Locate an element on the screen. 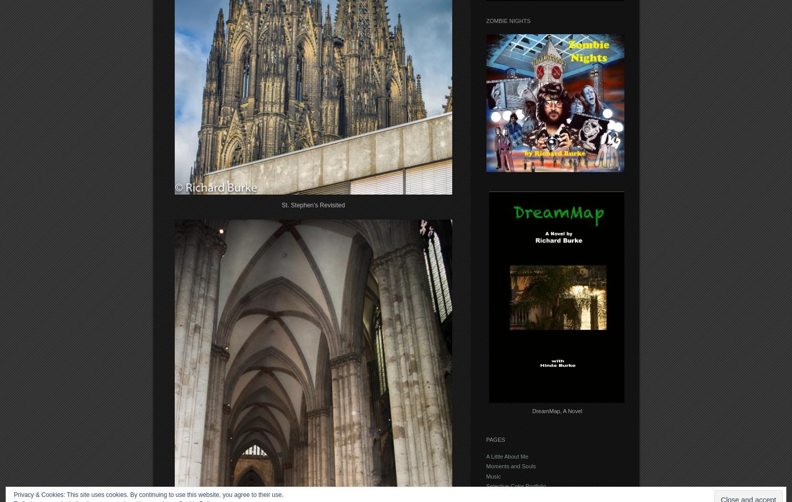  'Zombies in the Mall' is located at coordinates (485, 496).